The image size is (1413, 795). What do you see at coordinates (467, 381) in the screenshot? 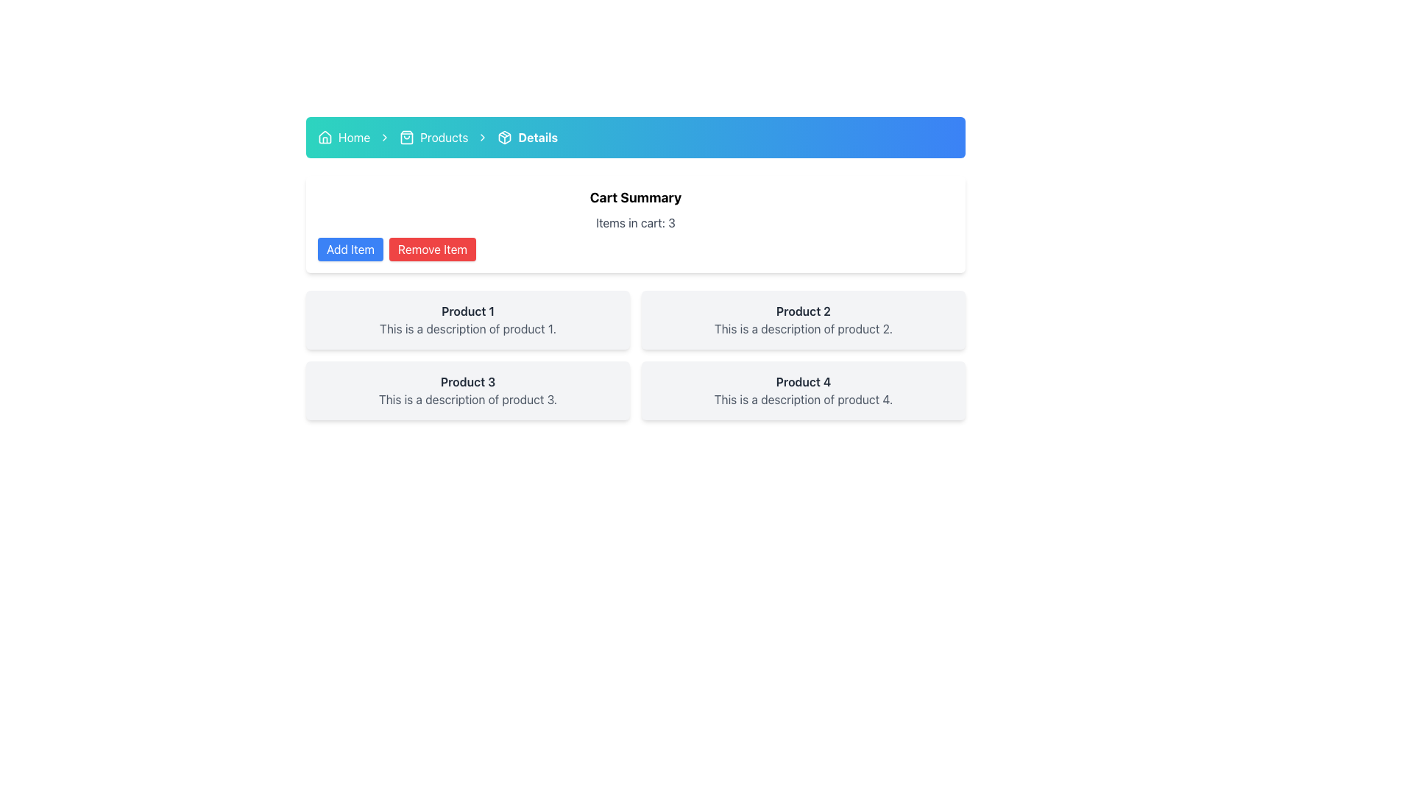
I see `the heading text for 'Product 3'` at bounding box center [467, 381].